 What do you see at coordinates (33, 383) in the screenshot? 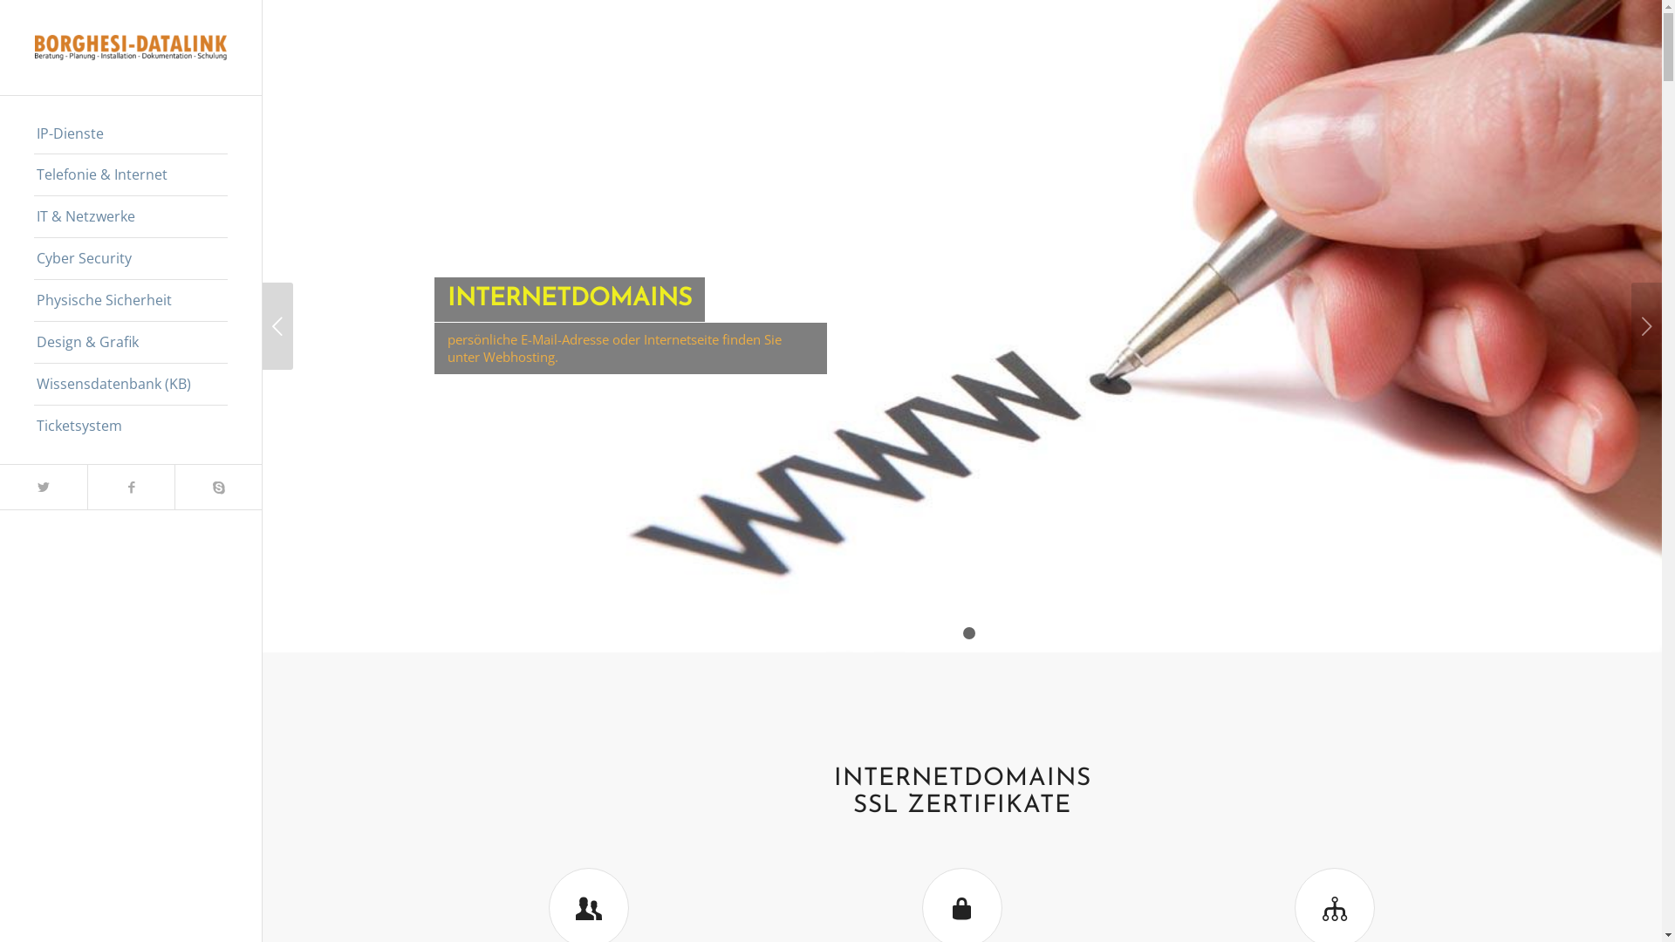
I see `'Wissensdatenbank (KB)'` at bounding box center [33, 383].